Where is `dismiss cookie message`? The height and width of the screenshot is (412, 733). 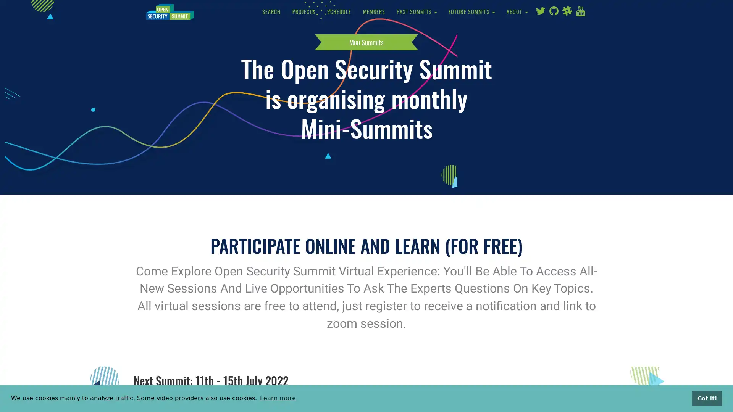
dismiss cookie message is located at coordinates (707, 398).